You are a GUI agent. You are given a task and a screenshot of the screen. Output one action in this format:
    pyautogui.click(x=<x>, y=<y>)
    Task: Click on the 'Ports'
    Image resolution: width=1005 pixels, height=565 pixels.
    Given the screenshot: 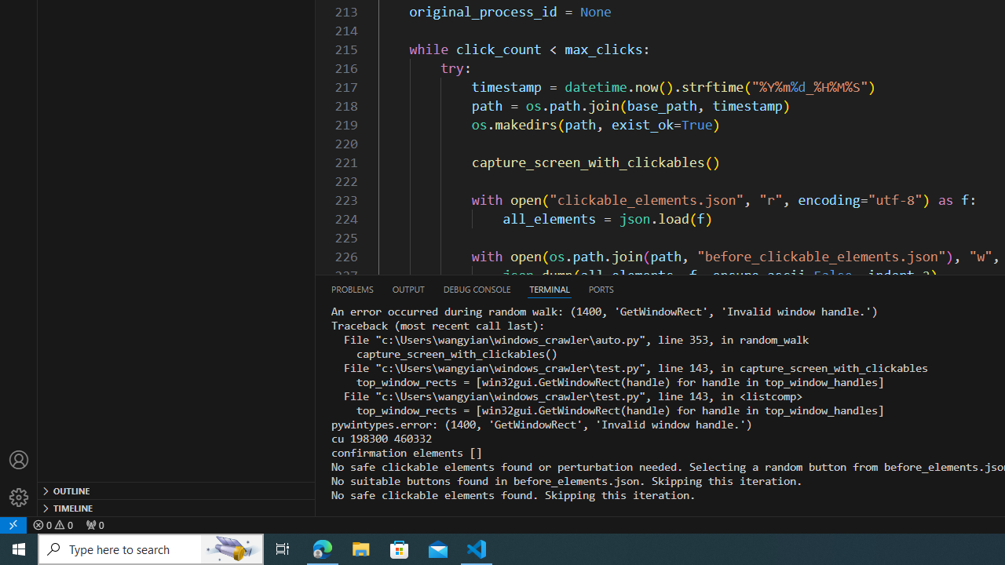 What is the action you would take?
    pyautogui.click(x=600, y=289)
    